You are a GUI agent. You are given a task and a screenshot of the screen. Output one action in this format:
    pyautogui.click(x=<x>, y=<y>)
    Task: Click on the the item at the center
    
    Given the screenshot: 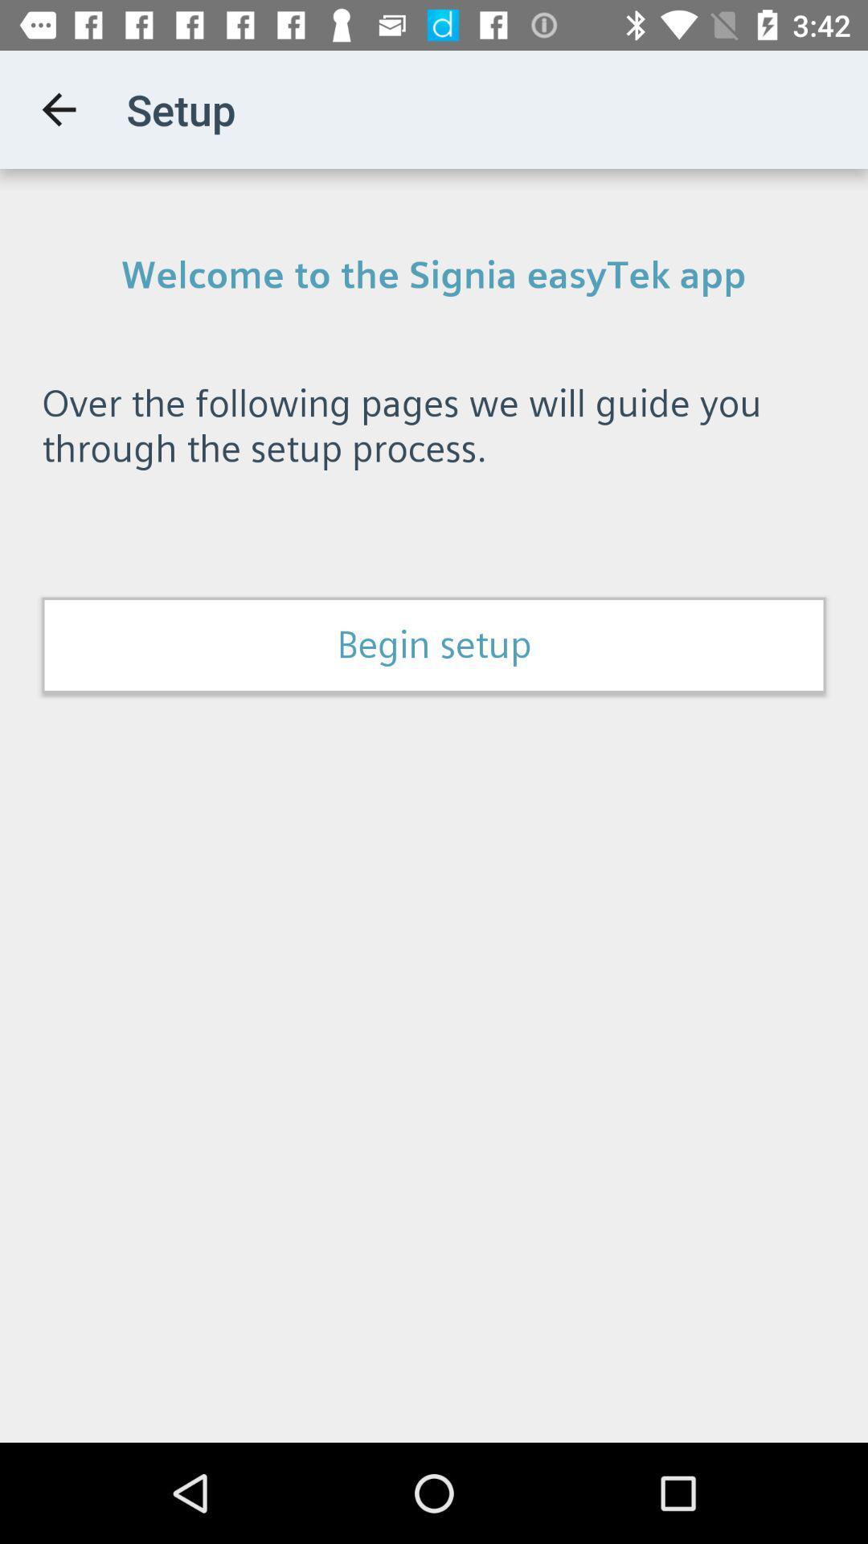 What is the action you would take?
    pyautogui.click(x=434, y=645)
    